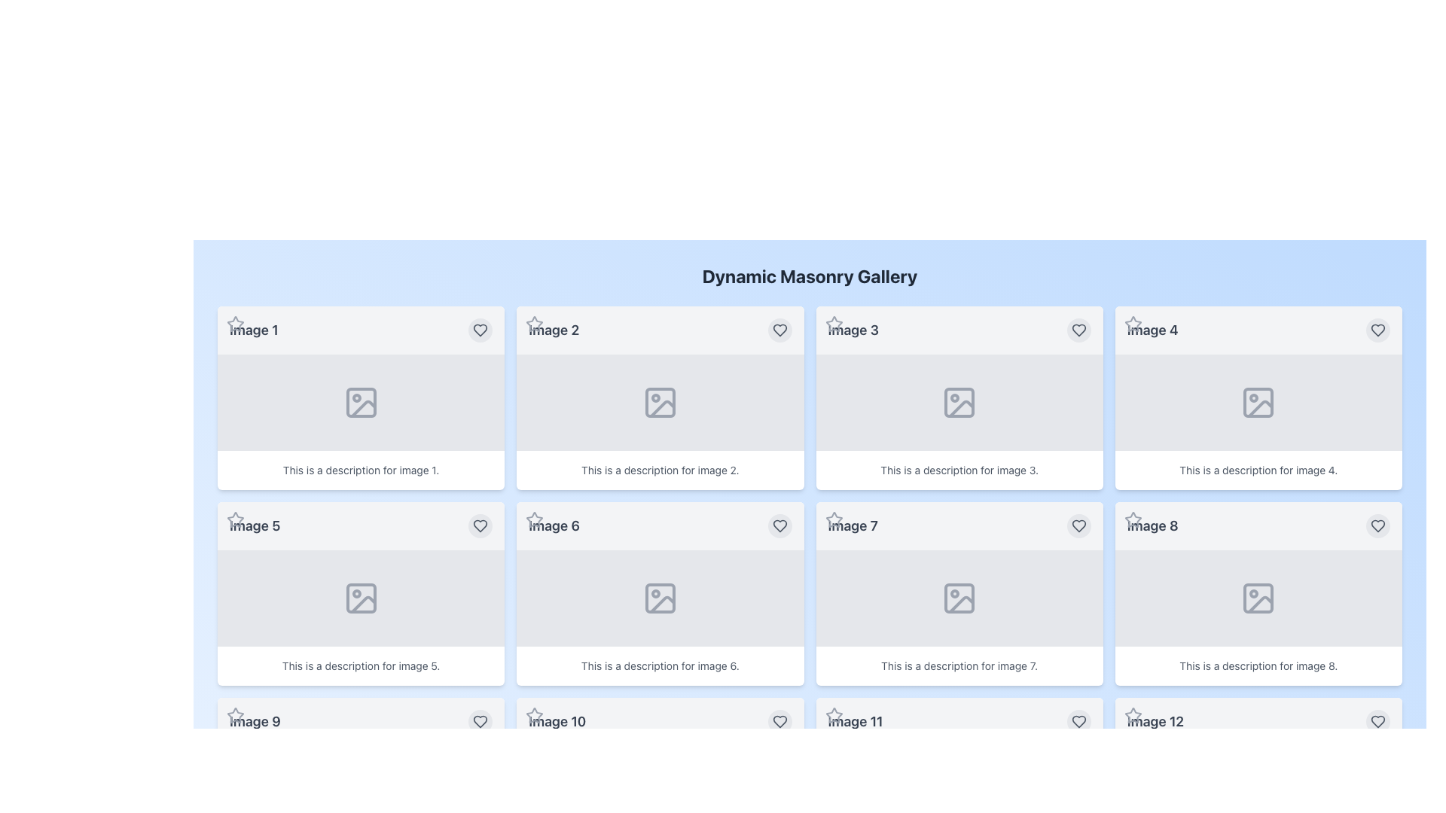 This screenshot has height=813, width=1446. I want to click on the Heart icon located in the top right corner of the 'Image 5' card, so click(480, 525).